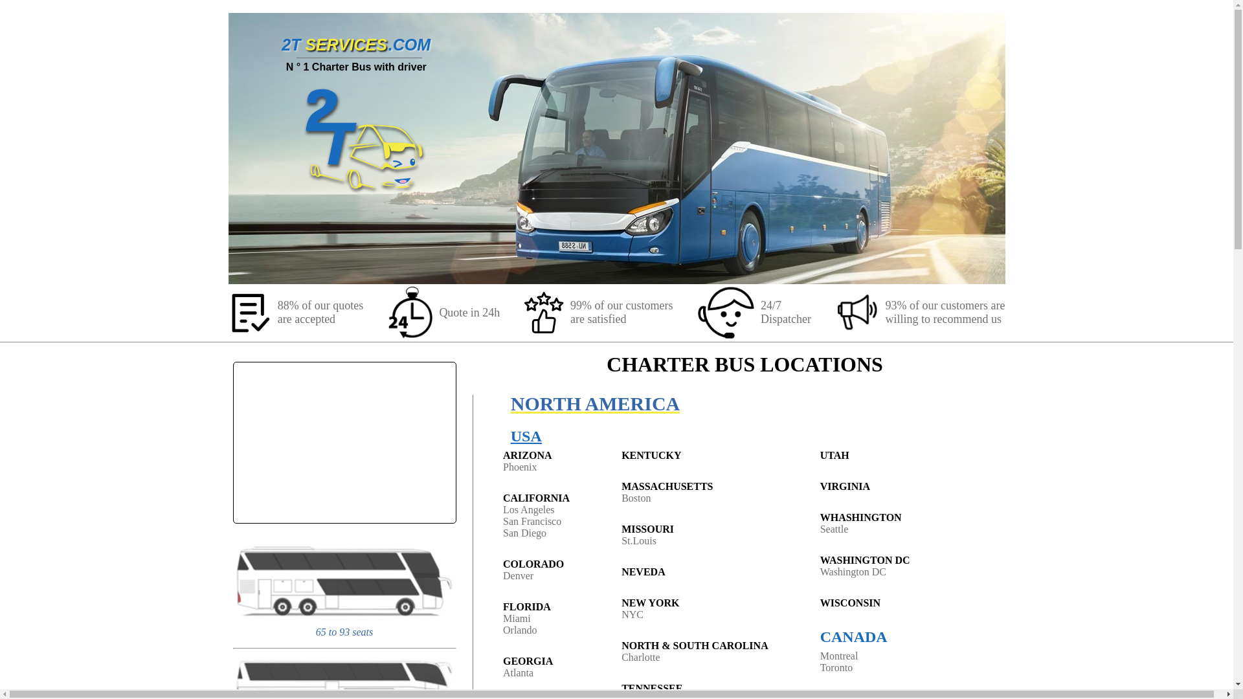 Image resolution: width=1243 pixels, height=699 pixels. Describe the element at coordinates (853, 571) in the screenshot. I see `'Washington DC'` at that location.